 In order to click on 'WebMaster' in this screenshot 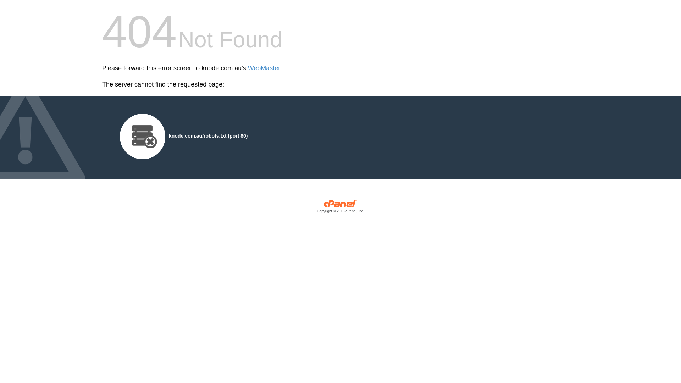, I will do `click(264, 68)`.